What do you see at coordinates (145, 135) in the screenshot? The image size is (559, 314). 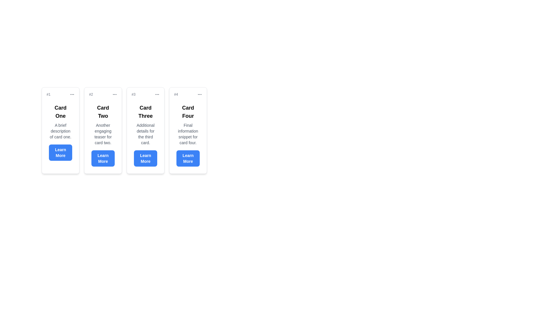 I see `the third card in the horizontal list, which contains a descriptive text and an action button` at bounding box center [145, 135].